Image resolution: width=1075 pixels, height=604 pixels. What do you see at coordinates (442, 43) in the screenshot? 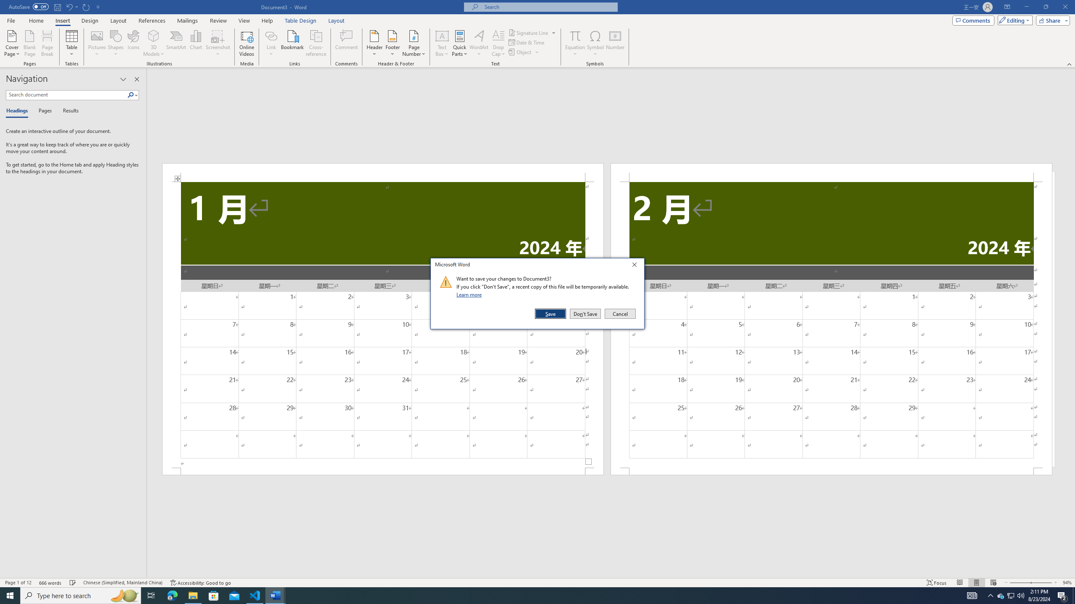
I see `'Text Box'` at bounding box center [442, 43].